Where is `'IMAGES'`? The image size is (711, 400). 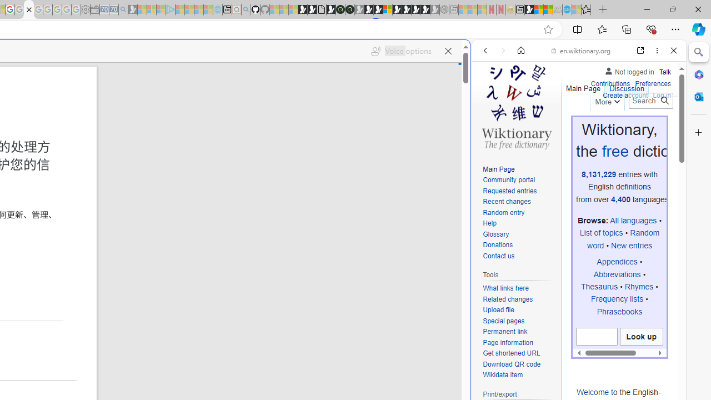
'IMAGES' is located at coordinates (522, 126).